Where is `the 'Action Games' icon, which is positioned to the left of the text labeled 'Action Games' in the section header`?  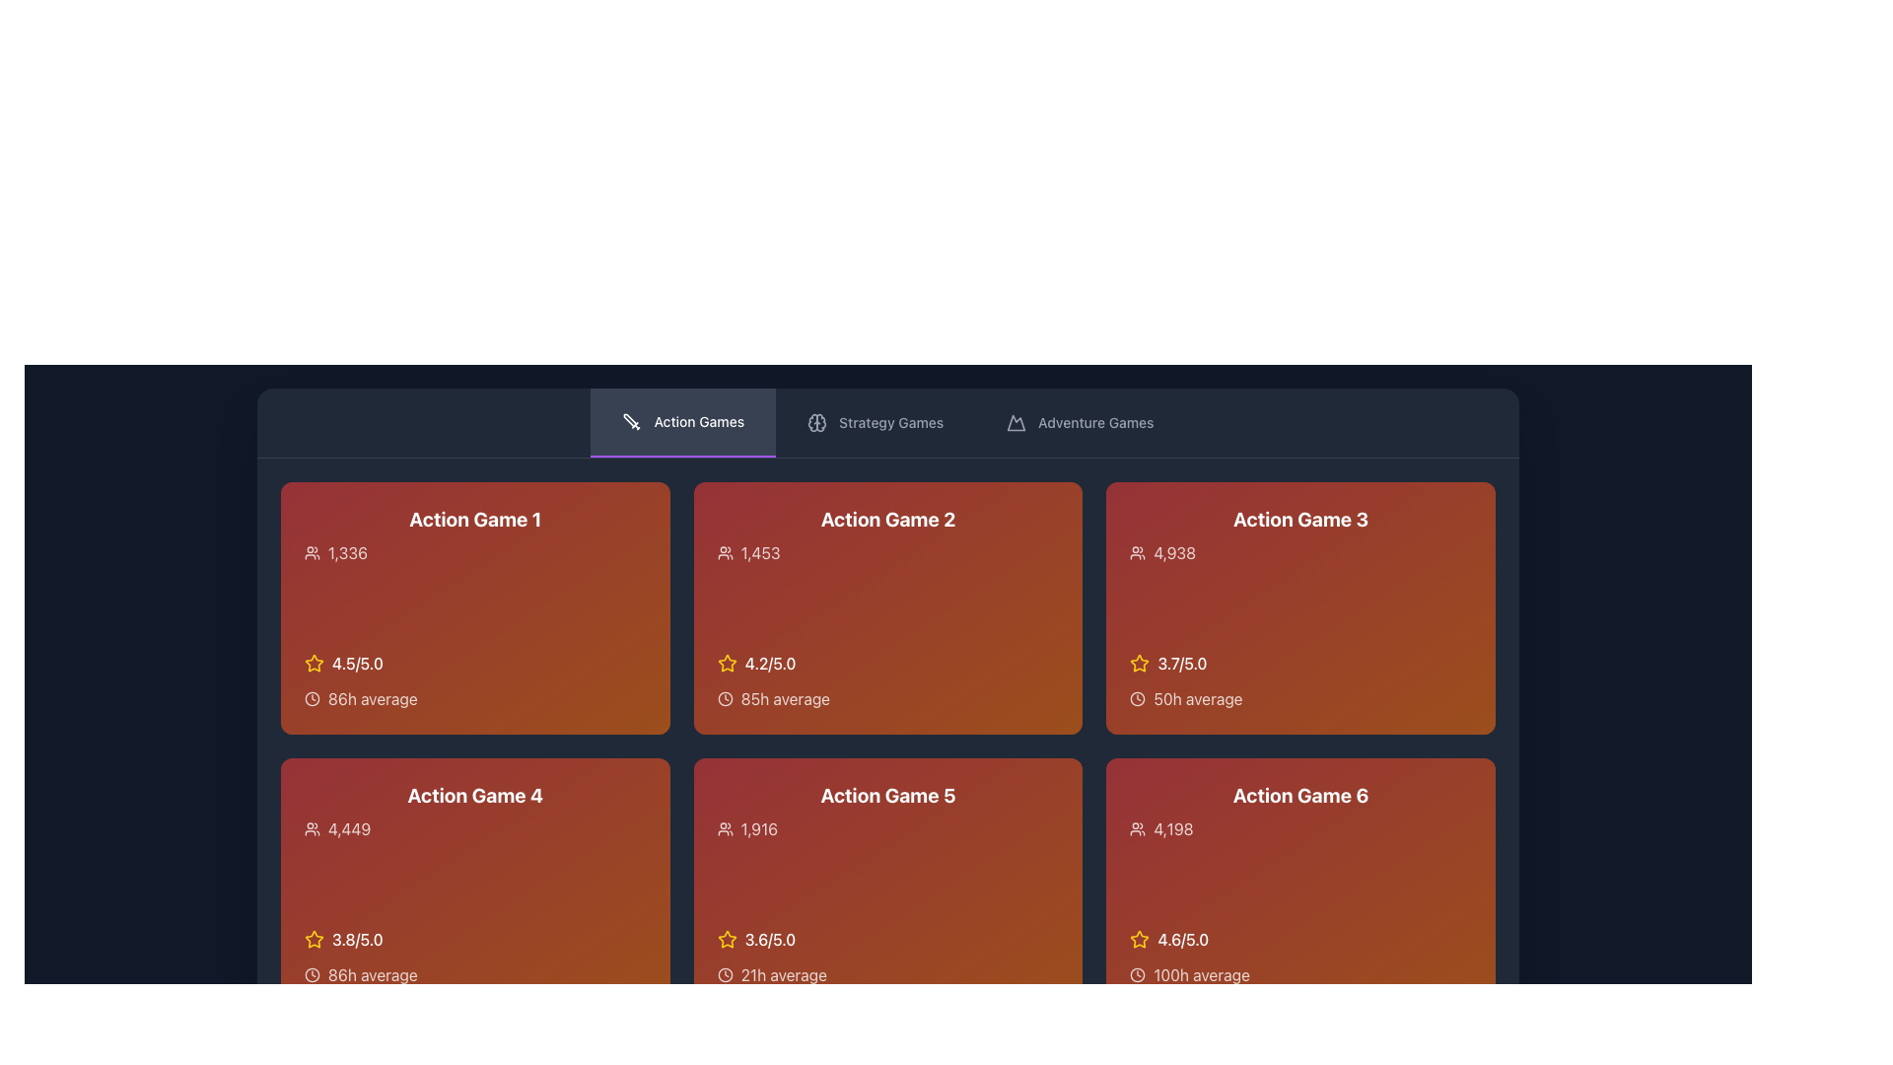 the 'Action Games' icon, which is positioned to the left of the text labeled 'Action Games' in the section header is located at coordinates (632, 421).